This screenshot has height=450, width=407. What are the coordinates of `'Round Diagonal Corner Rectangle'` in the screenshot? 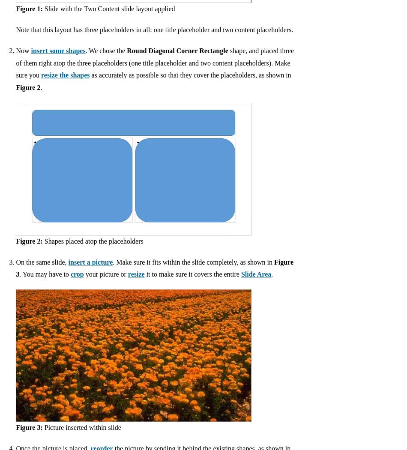 It's located at (177, 50).